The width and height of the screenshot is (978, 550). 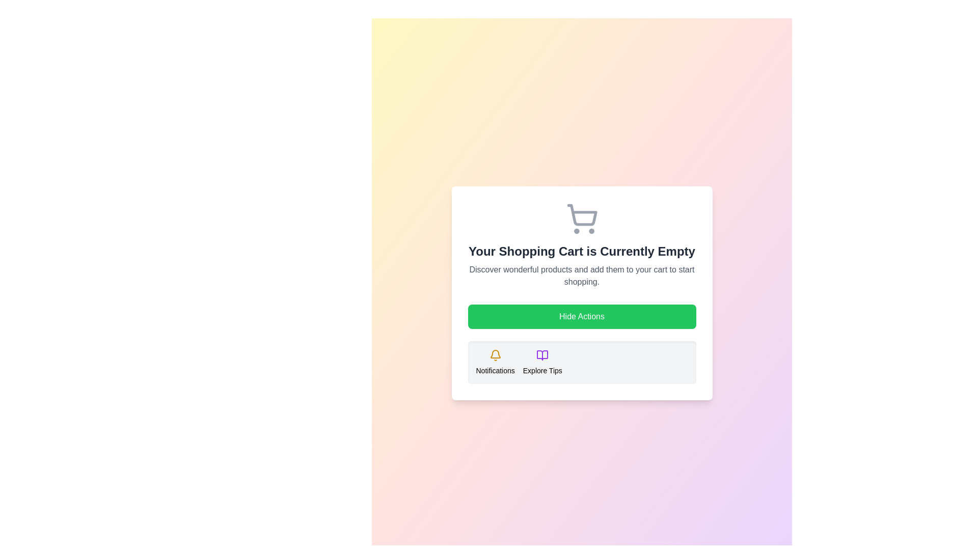 What do you see at coordinates (542, 371) in the screenshot?
I see `the label located in the bottom section of a white card interface, next to the book icon and below the 'Notifications' heading` at bounding box center [542, 371].